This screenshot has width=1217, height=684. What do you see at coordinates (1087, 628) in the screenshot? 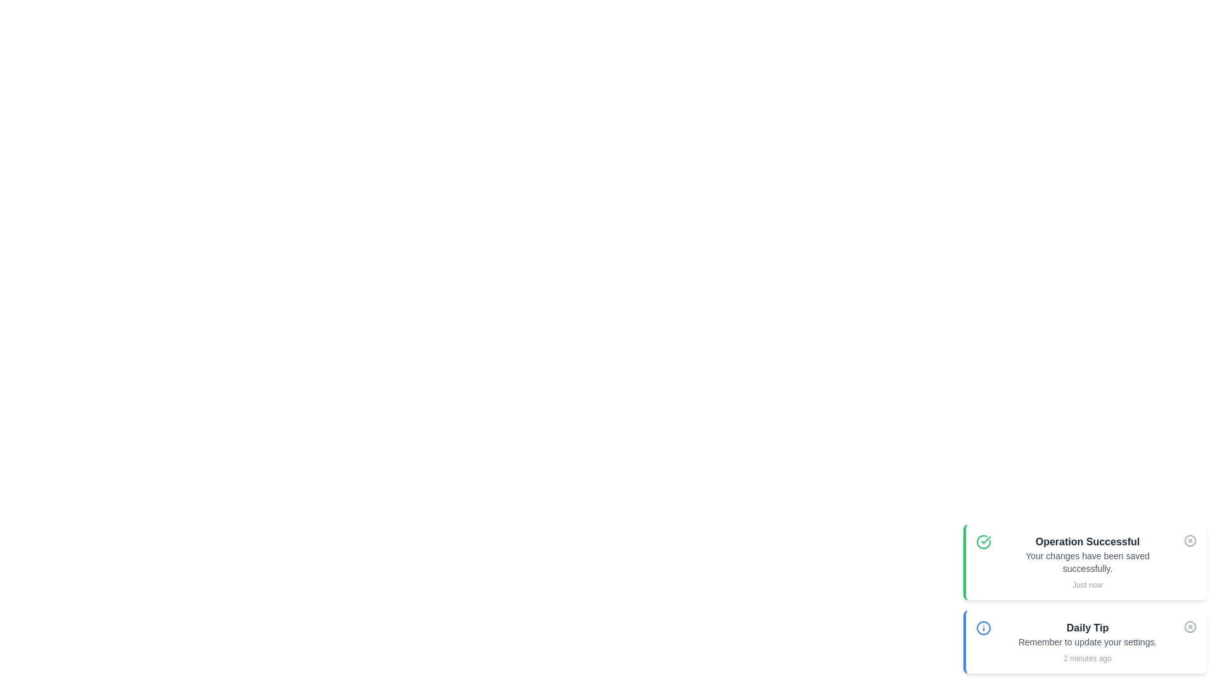
I see `the 'Daily Tip' text label, which is a bold, dark-gray font element positioned at the top of the notification card titled 'Operation Successful'` at bounding box center [1087, 628].